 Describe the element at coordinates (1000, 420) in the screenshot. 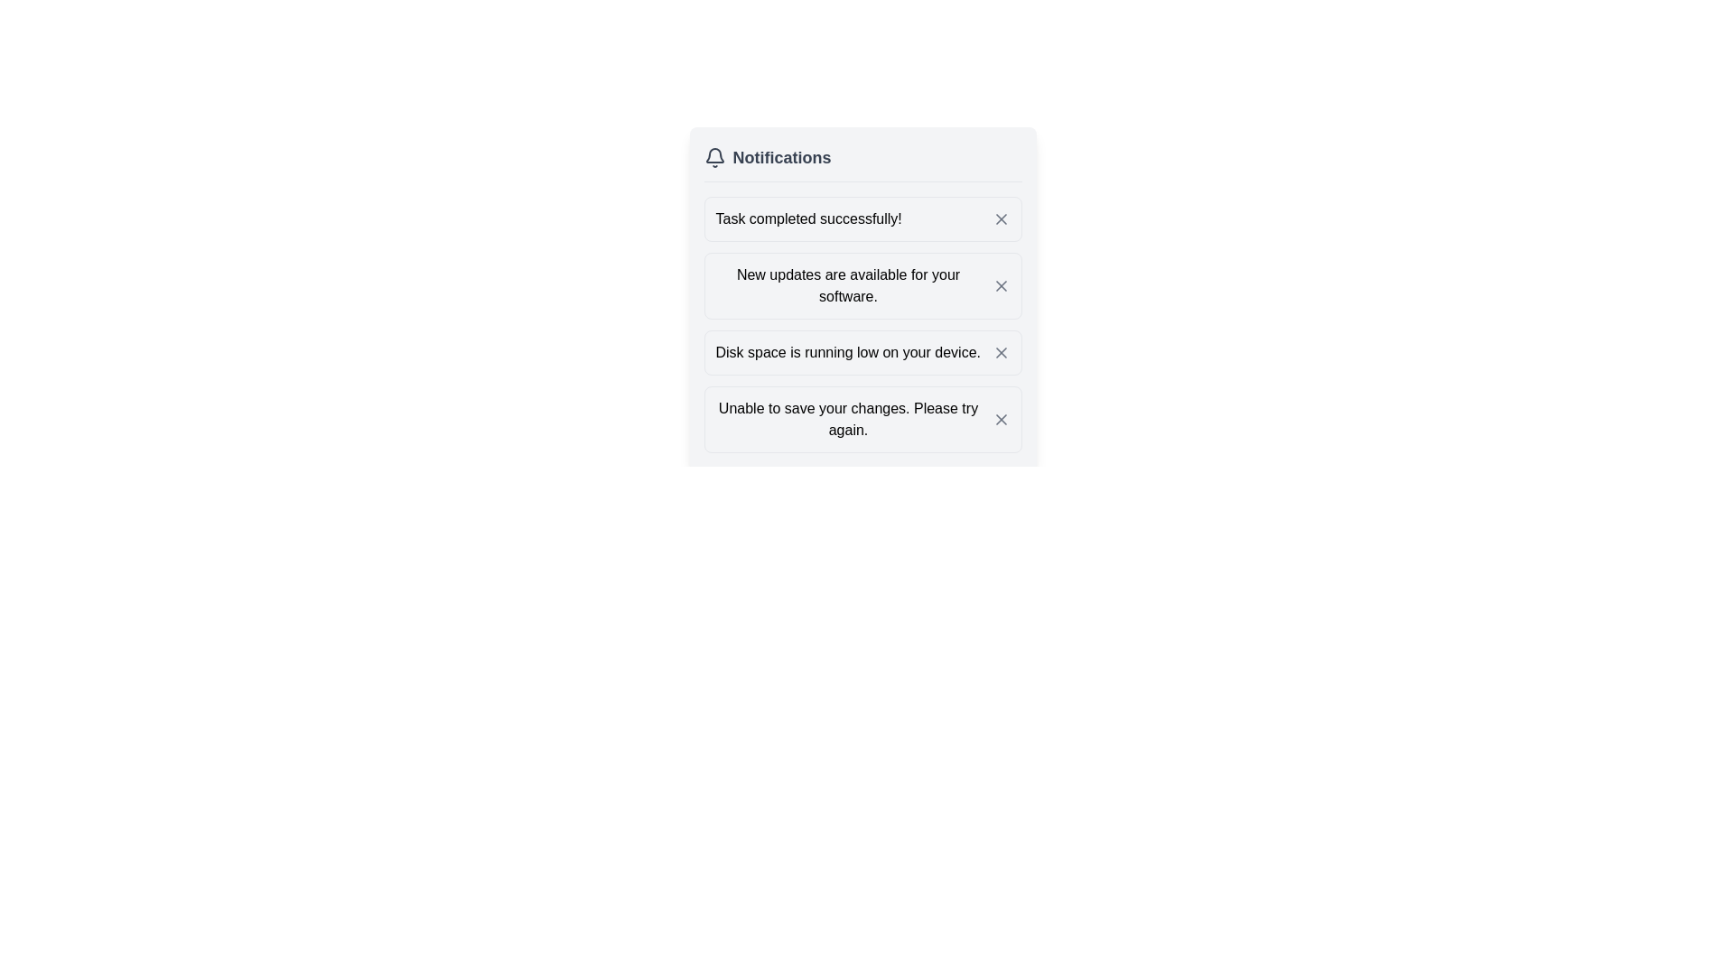

I see `the close button located to the far right of the notification displaying 'Unable` at that location.